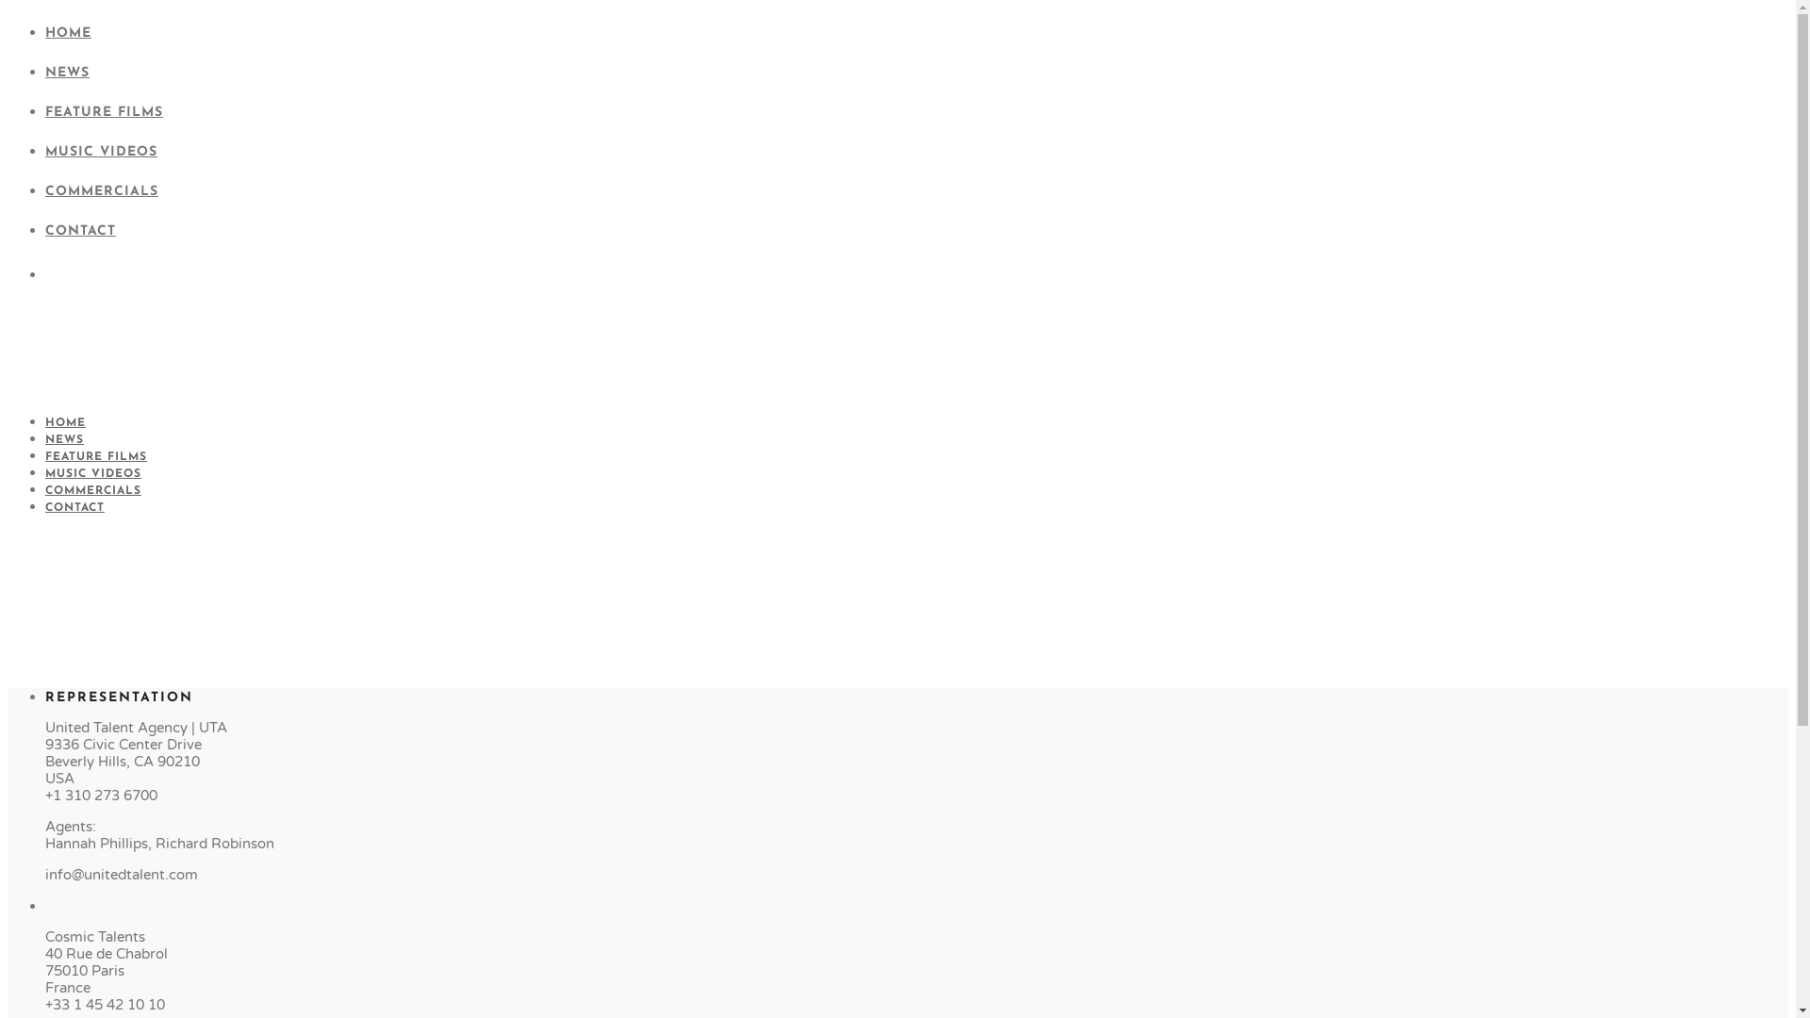 Image resolution: width=1810 pixels, height=1018 pixels. I want to click on 'NEWS', so click(45, 72).